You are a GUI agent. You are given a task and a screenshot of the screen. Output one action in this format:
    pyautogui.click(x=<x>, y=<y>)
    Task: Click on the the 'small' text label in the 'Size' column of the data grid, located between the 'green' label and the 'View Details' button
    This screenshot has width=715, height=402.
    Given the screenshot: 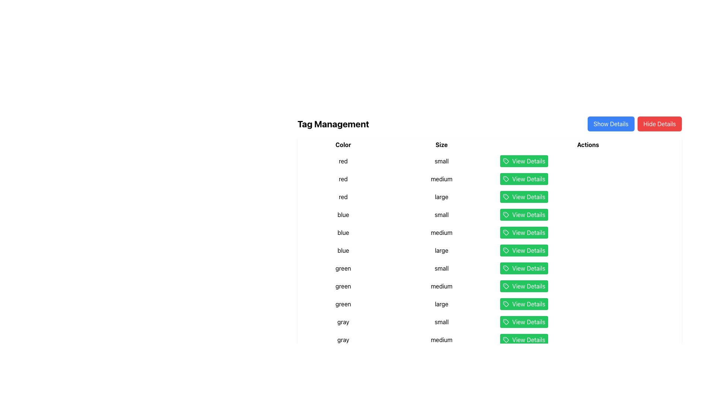 What is the action you would take?
    pyautogui.click(x=441, y=268)
    